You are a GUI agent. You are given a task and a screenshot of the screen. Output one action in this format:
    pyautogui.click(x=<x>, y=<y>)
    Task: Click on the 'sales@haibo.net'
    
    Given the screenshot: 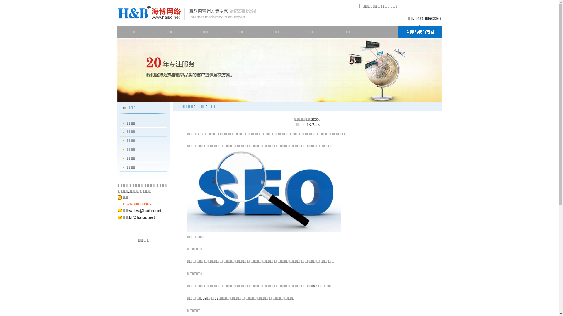 What is the action you would take?
    pyautogui.click(x=145, y=211)
    